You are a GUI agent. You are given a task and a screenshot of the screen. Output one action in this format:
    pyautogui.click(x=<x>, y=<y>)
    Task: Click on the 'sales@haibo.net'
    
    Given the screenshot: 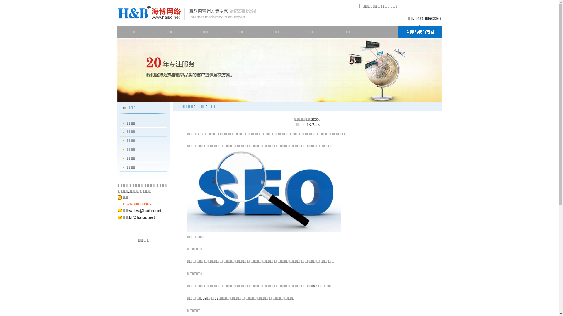 What is the action you would take?
    pyautogui.click(x=145, y=211)
    